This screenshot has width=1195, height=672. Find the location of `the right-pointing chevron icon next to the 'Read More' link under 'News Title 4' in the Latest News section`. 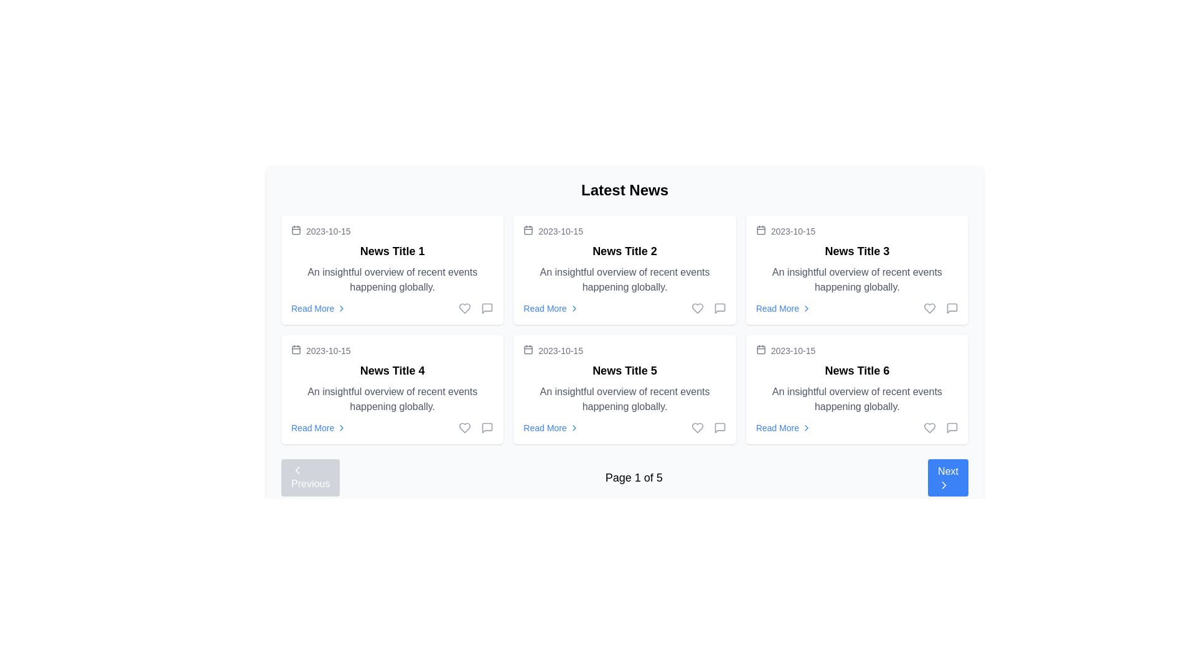

the right-pointing chevron icon next to the 'Read More' link under 'News Title 4' in the Latest News section is located at coordinates (342, 427).